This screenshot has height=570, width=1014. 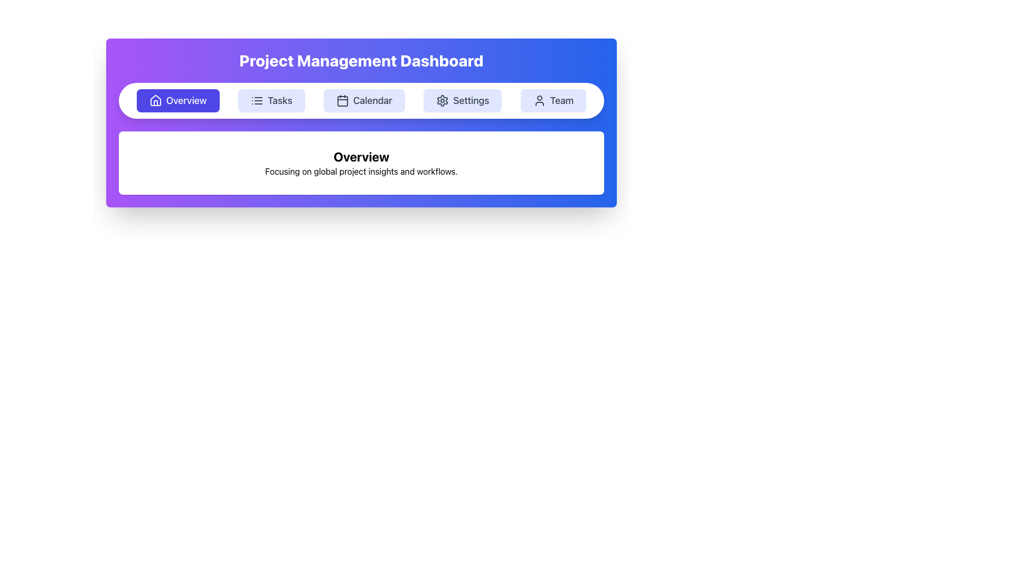 What do you see at coordinates (271, 101) in the screenshot?
I see `the 'Tasks' button, which is the second button from the left in the navigation bar` at bounding box center [271, 101].